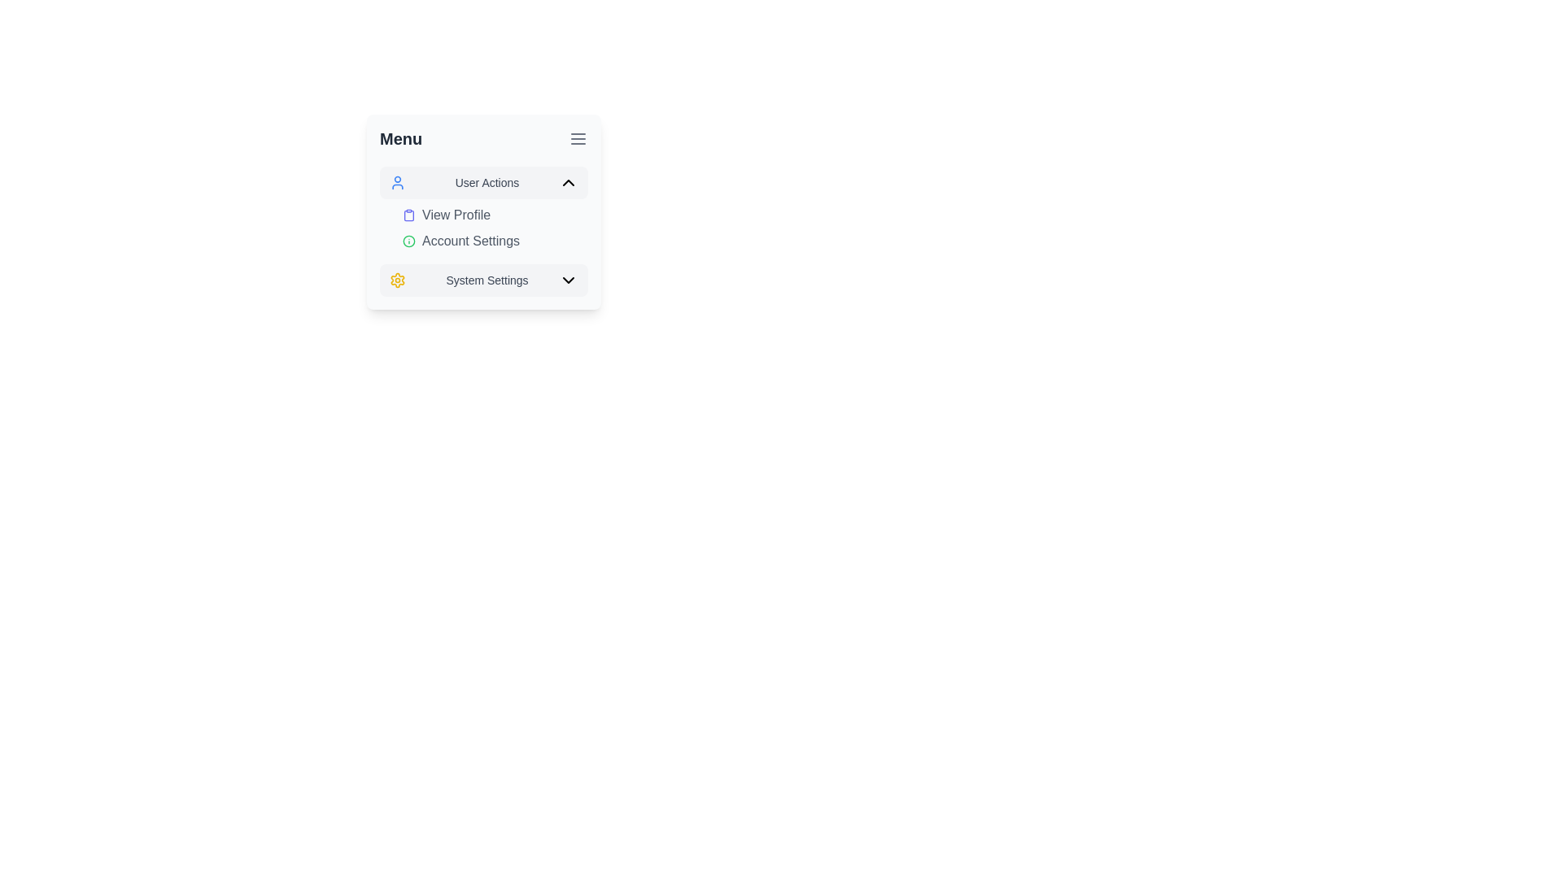 The height and width of the screenshot is (878, 1562). Describe the element at coordinates (483, 182) in the screenshot. I see `the toggle button located in the top section of the menu panel` at that location.